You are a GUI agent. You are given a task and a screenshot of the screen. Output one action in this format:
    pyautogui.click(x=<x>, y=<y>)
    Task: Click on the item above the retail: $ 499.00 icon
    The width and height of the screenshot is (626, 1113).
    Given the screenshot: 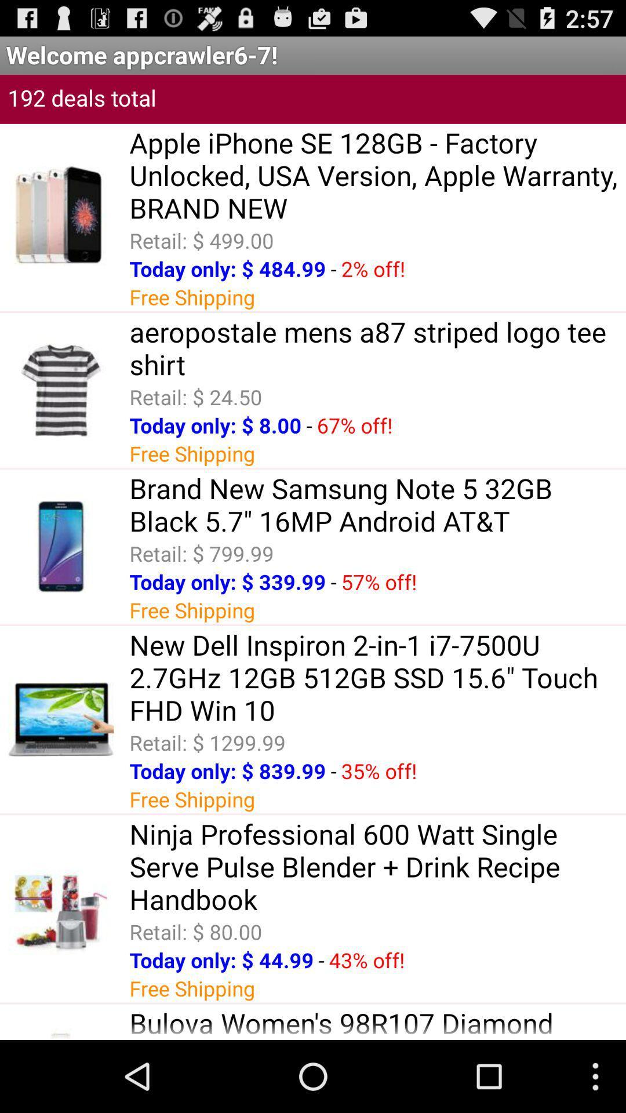 What is the action you would take?
    pyautogui.click(x=377, y=174)
    